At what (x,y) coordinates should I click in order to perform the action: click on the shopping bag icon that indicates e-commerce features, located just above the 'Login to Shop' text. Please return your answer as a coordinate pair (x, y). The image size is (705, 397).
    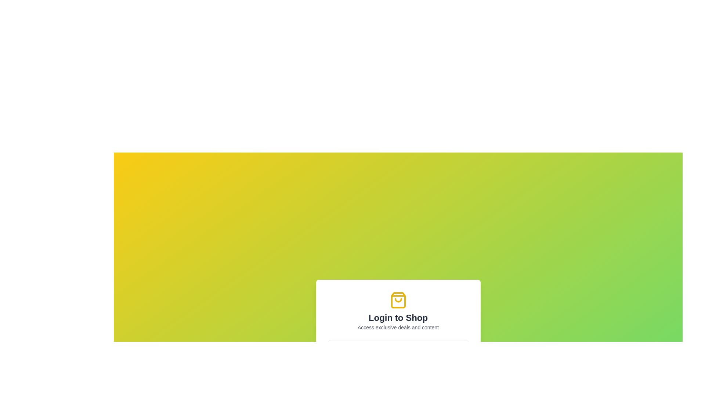
    Looking at the image, I should click on (398, 300).